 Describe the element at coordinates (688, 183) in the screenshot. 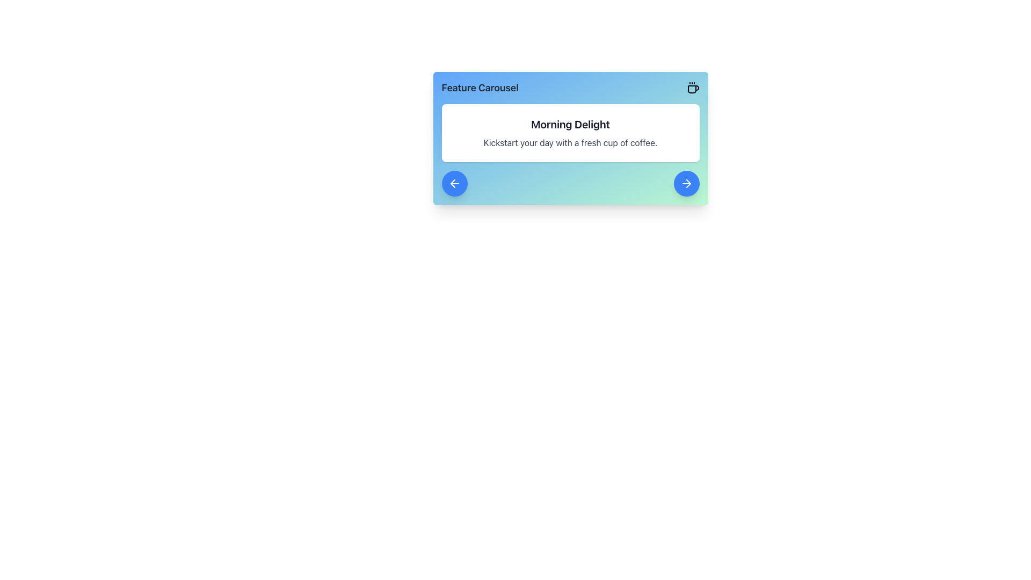

I see `the right-pointing chevron icon located inside the circular button on the right-hand side of the interface's main content area` at that location.